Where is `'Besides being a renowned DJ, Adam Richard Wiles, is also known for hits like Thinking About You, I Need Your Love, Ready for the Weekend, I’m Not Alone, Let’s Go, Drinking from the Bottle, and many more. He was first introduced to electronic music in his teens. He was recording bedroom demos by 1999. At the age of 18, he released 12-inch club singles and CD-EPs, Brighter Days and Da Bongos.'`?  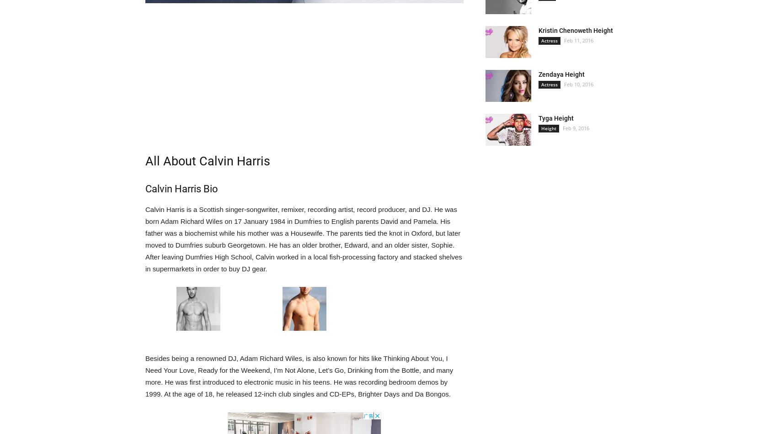
'Besides being a renowned DJ, Adam Richard Wiles, is also known for hits like Thinking About You, I Need Your Love, Ready for the Weekend, I’m Not Alone, Let’s Go, Drinking from the Bottle, and many more. He was first introduced to electronic music in his teens. He was recording bedroom demos by 1999. At the age of 18, he released 12-inch club singles and CD-EPs, Brighter Days and Da Bongos.' is located at coordinates (144, 376).